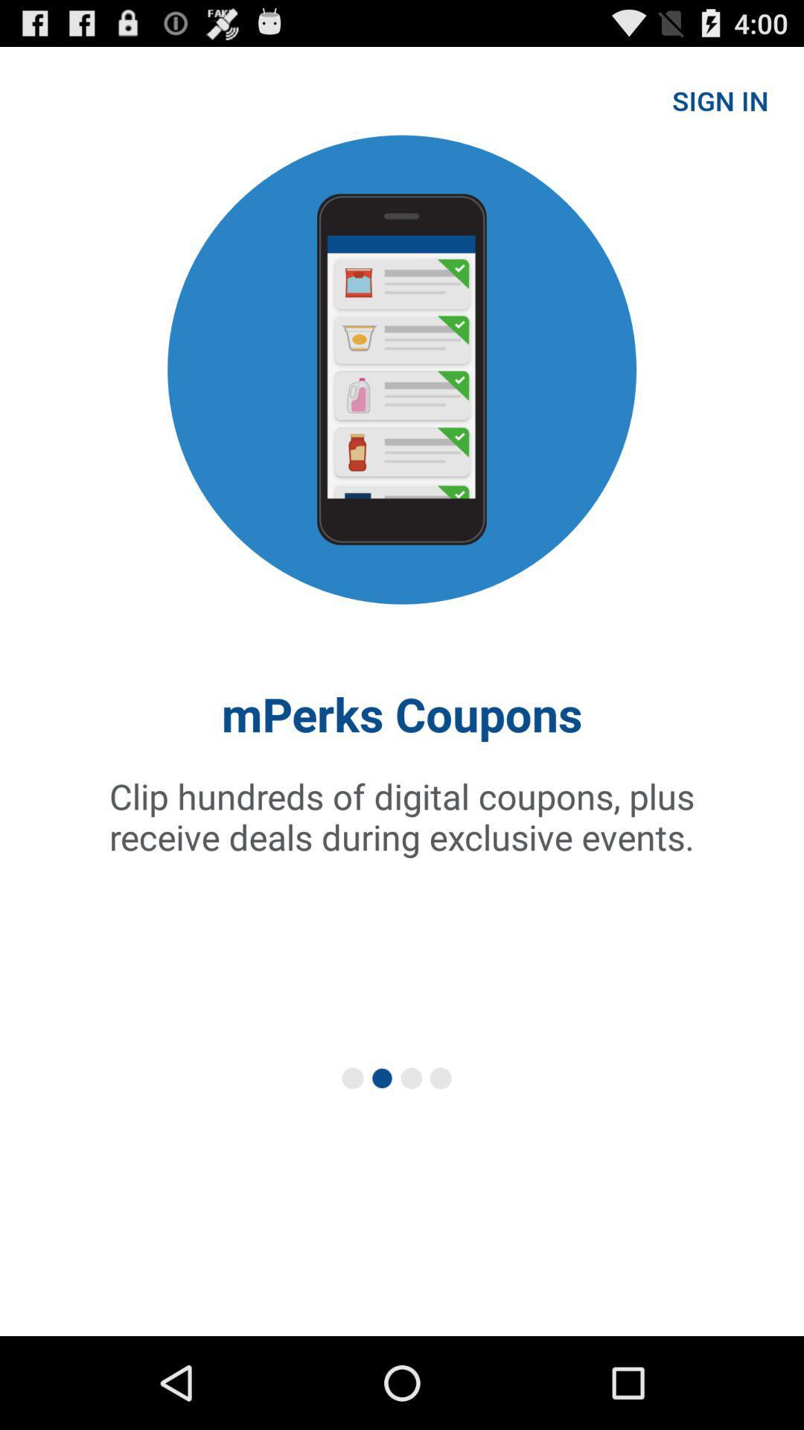 This screenshot has width=804, height=1430. Describe the element at coordinates (719, 99) in the screenshot. I see `the sign in at the top right corner` at that location.